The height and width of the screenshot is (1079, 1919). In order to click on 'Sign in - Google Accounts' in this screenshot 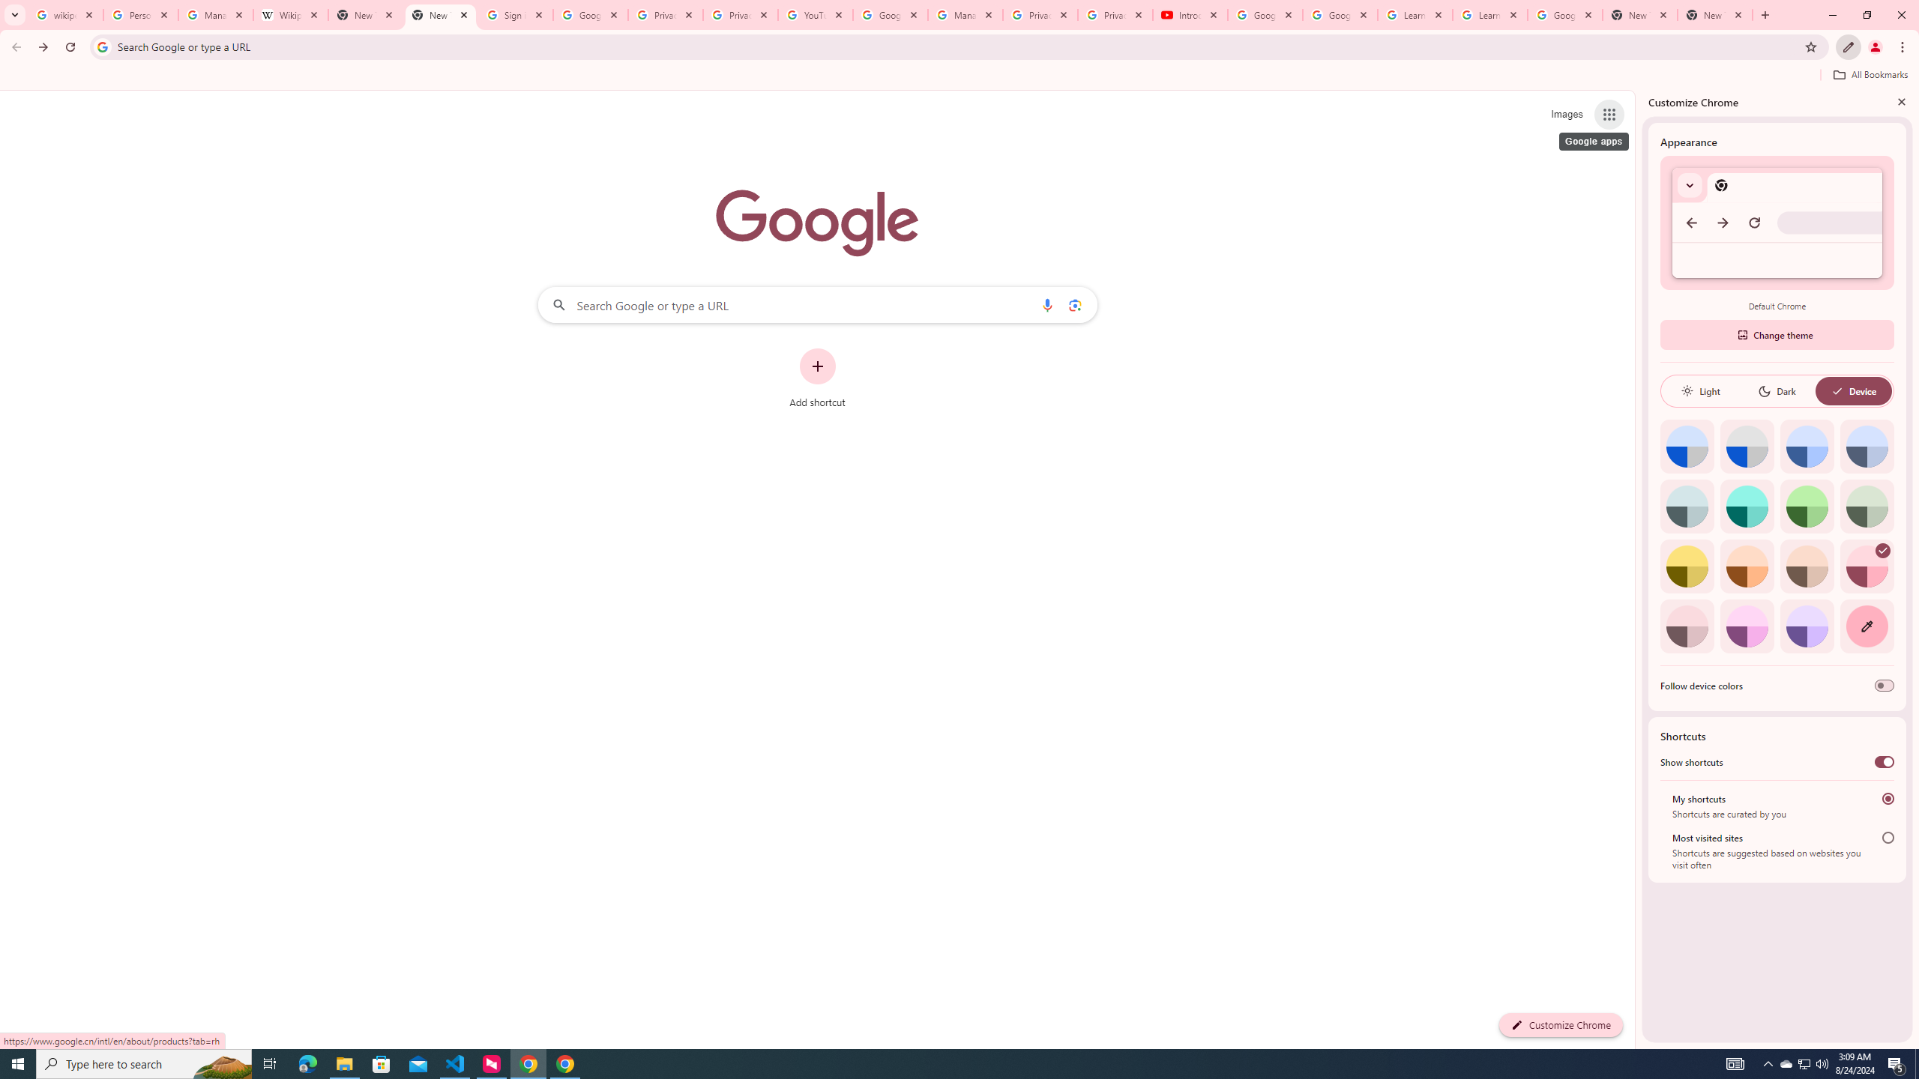, I will do `click(516, 14)`.